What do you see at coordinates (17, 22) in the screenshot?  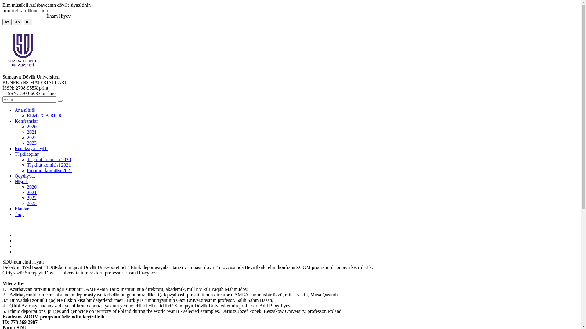 I see `'en'` at bounding box center [17, 22].